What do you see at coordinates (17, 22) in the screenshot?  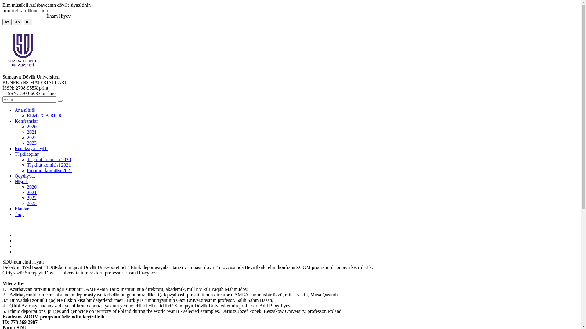 I see `'en'` at bounding box center [17, 22].